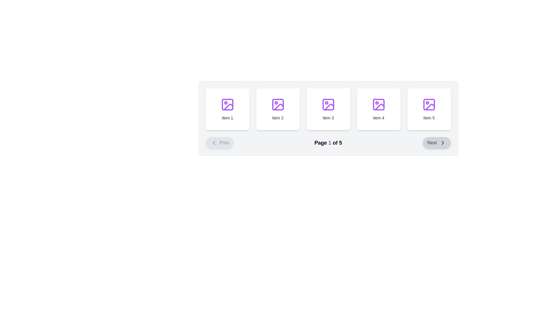 This screenshot has width=556, height=313. I want to click on the chevron icon located at the leftmost part of the 'Prev' button, which is used for navigating to the previous page in the pagination control, so click(213, 143).